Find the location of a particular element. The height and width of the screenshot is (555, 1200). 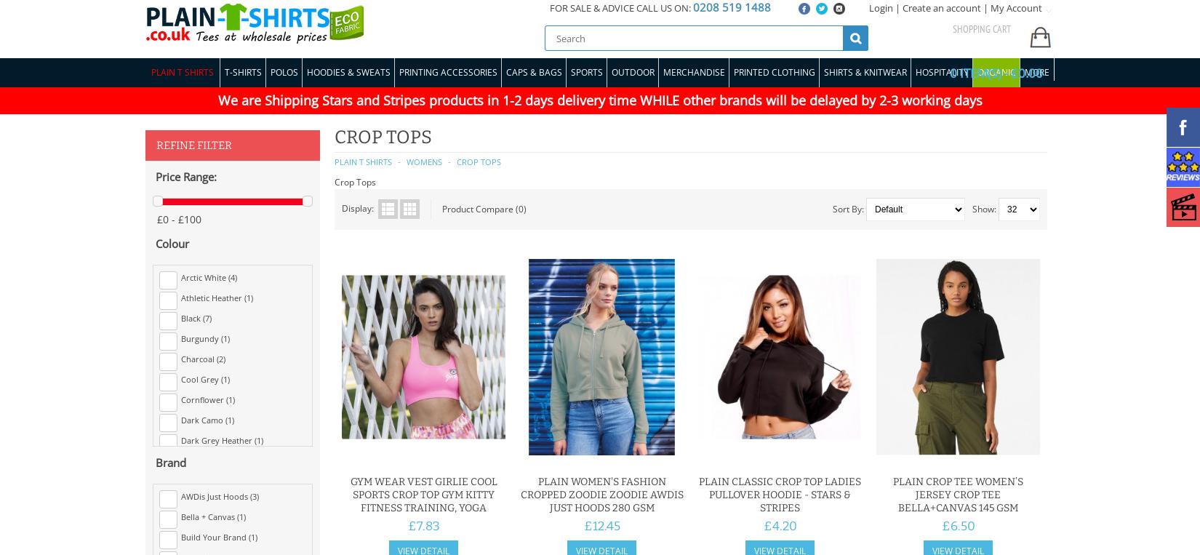

'Electric Yellow (1)' is located at coordinates (213, 541).